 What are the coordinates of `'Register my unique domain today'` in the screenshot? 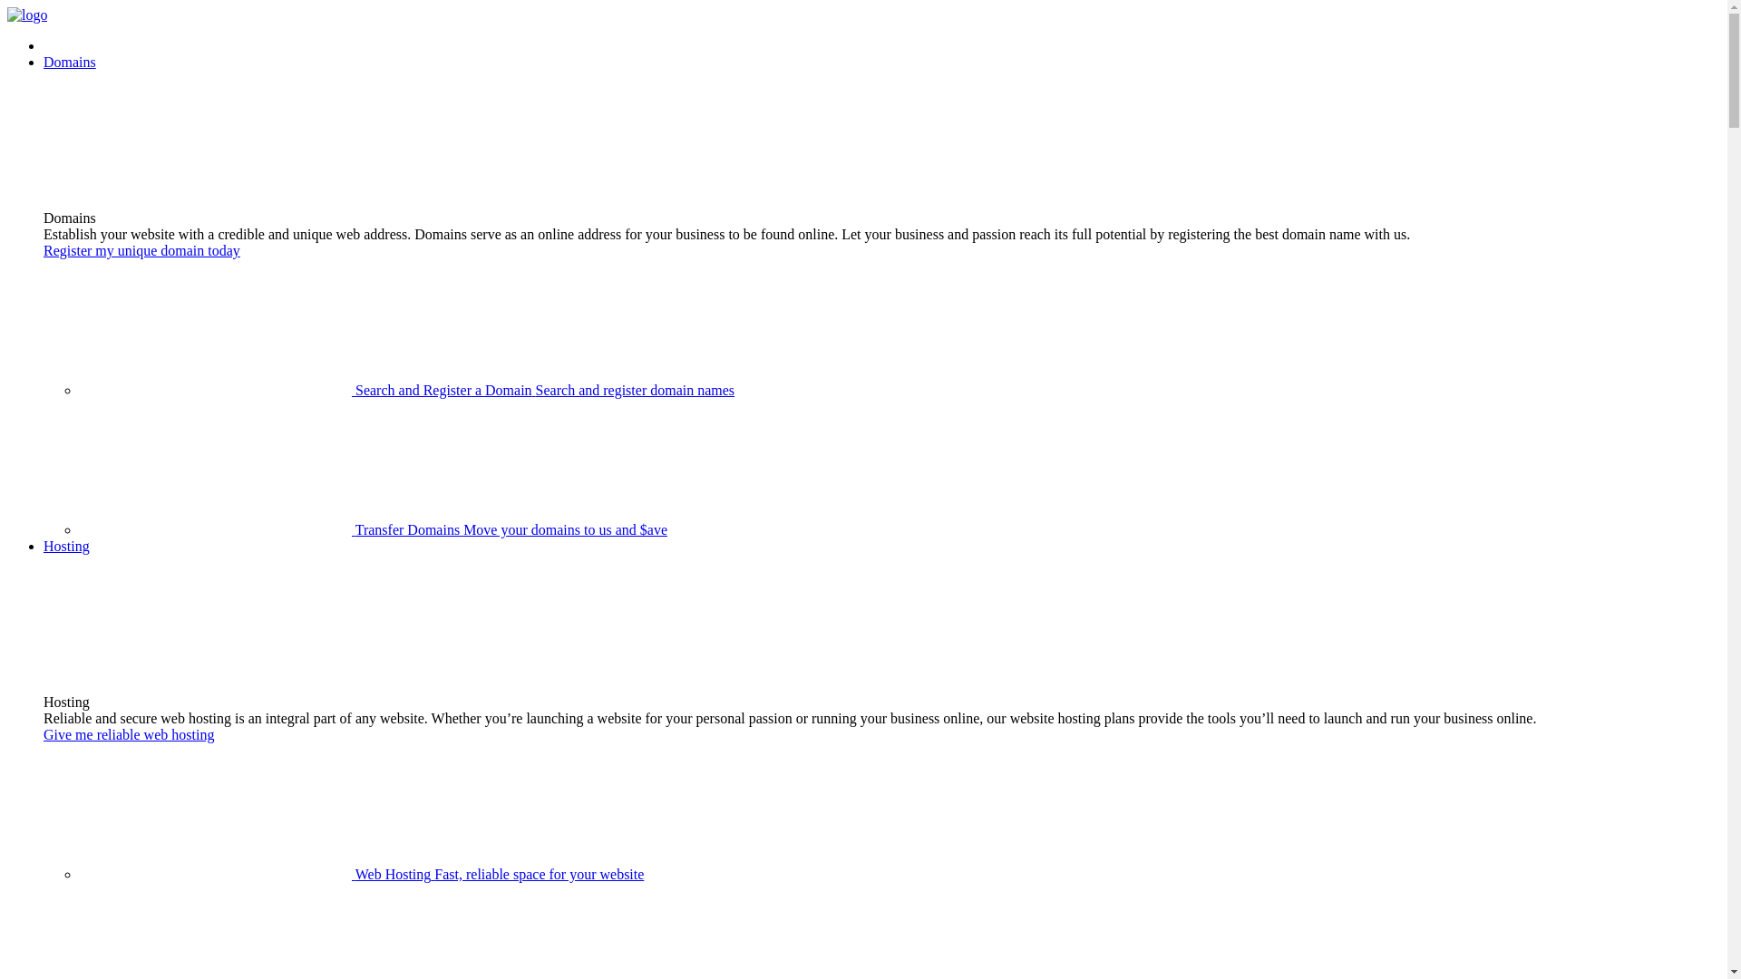 It's located at (141, 250).